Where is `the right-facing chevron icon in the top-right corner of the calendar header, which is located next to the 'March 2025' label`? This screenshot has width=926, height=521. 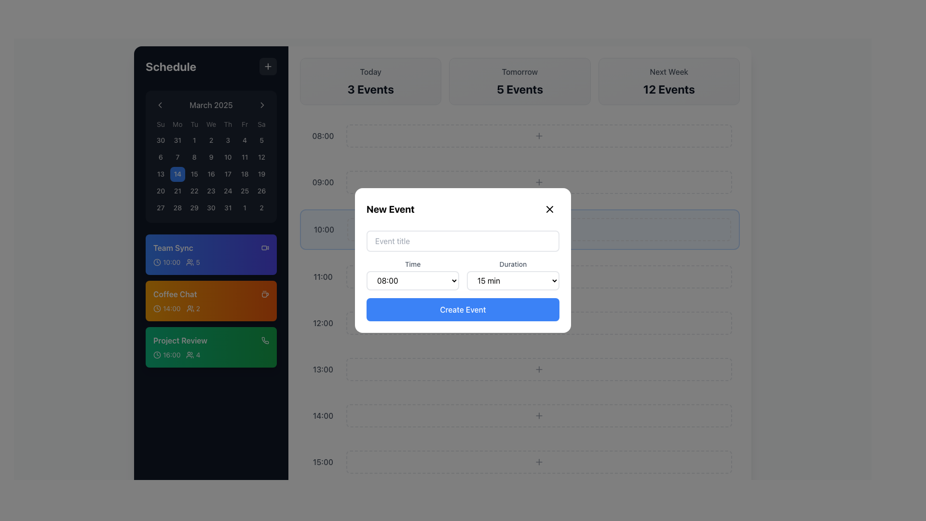
the right-facing chevron icon in the top-right corner of the calendar header, which is located next to the 'March 2025' label is located at coordinates (262, 105).